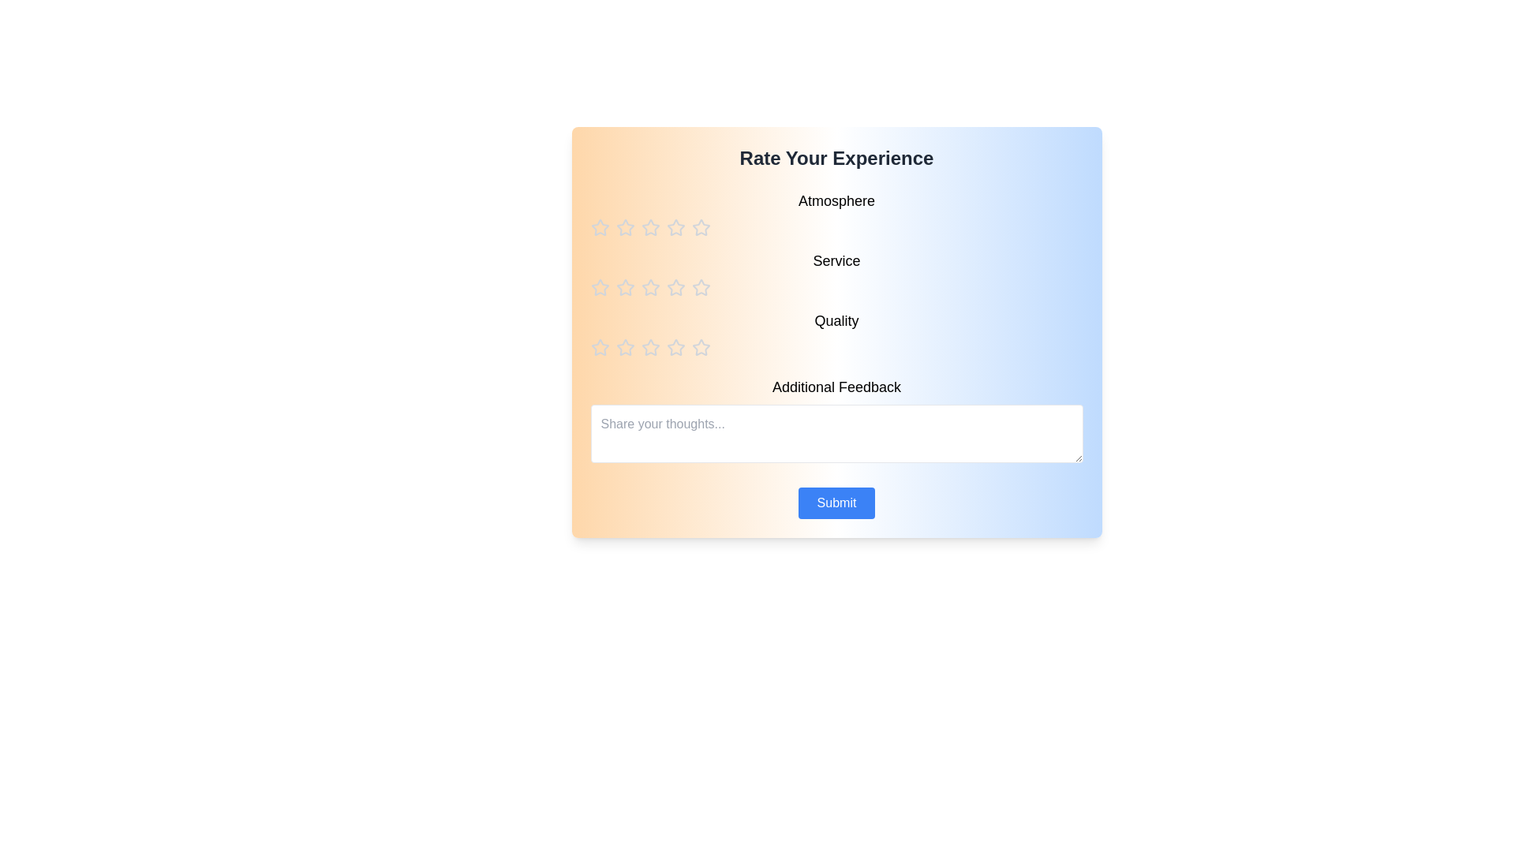 The image size is (1515, 852). Describe the element at coordinates (624, 346) in the screenshot. I see `the star corresponding to the rating 2 for the category quality` at that location.